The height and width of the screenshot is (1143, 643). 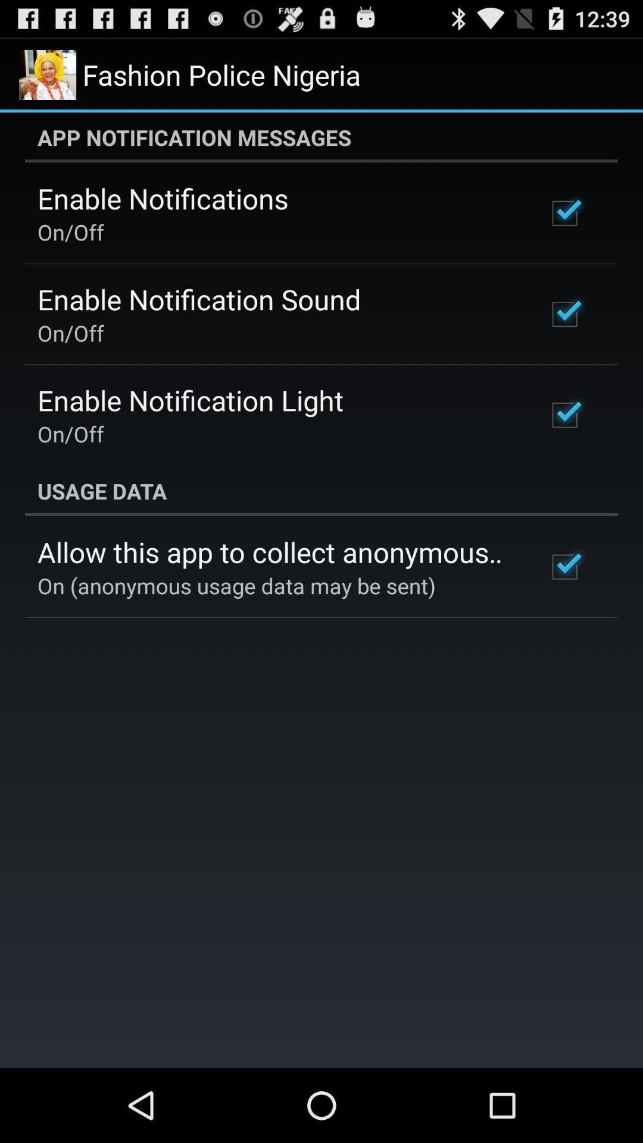 What do you see at coordinates (276, 551) in the screenshot?
I see `allow this app app` at bounding box center [276, 551].